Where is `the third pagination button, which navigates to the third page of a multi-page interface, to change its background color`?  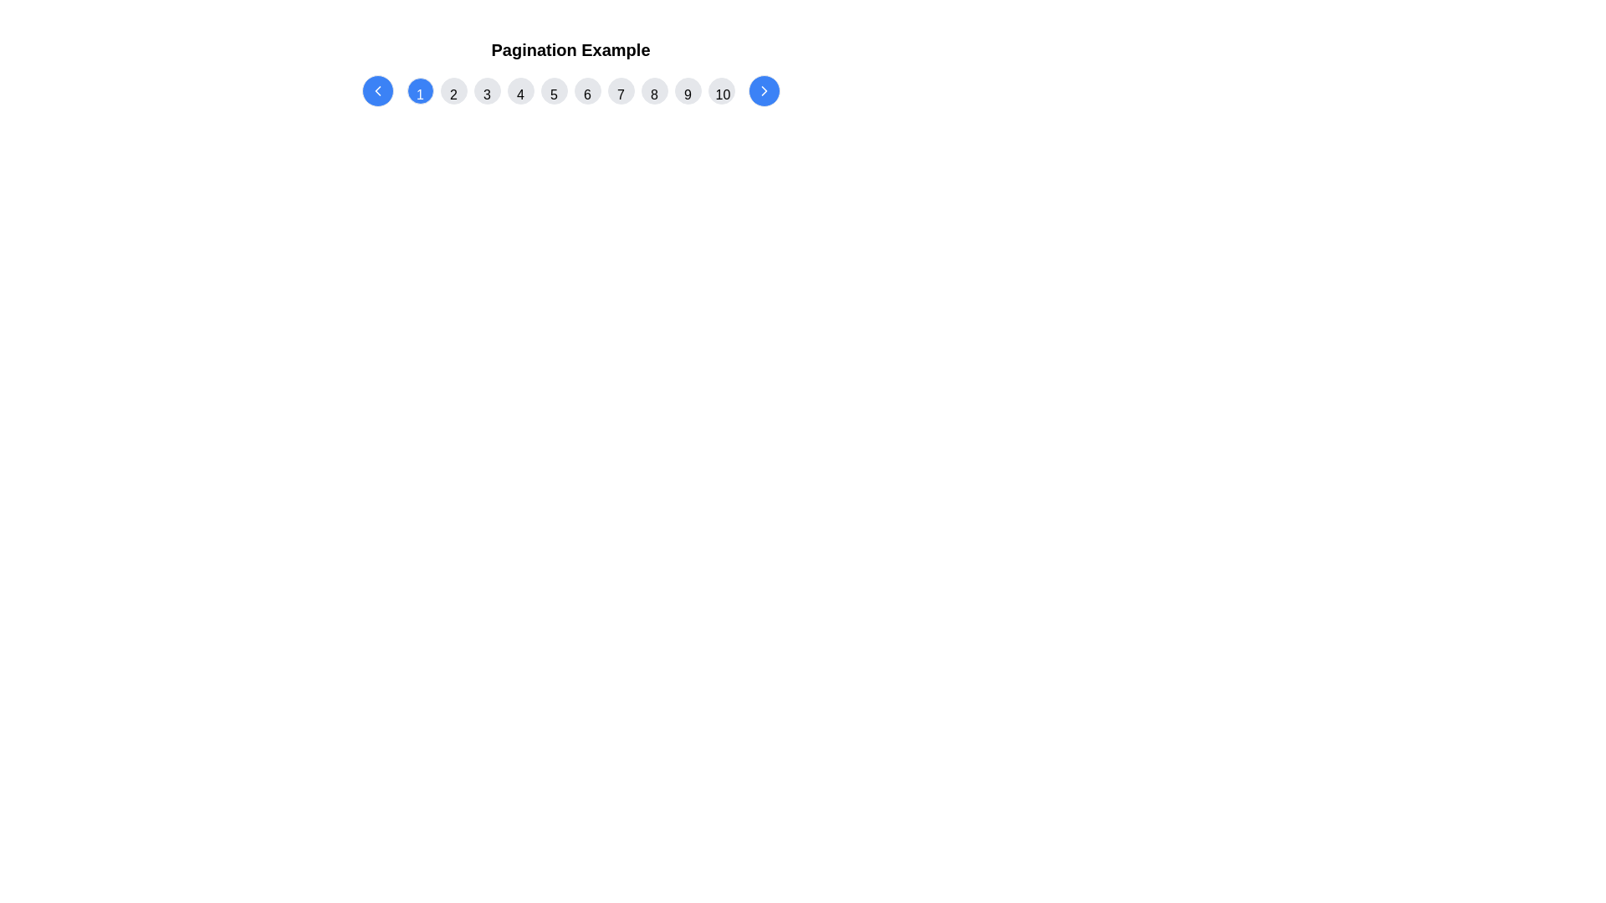 the third pagination button, which navigates to the third page of a multi-page interface, to change its background color is located at coordinates (486, 90).